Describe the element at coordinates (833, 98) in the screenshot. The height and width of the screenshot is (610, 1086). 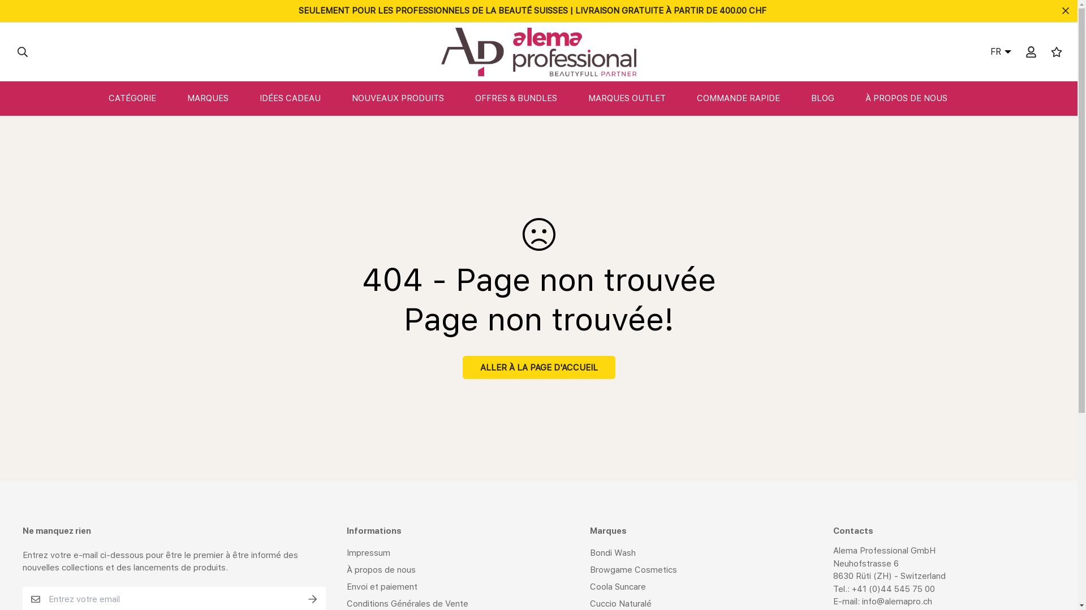
I see `'BLOG'` at that location.